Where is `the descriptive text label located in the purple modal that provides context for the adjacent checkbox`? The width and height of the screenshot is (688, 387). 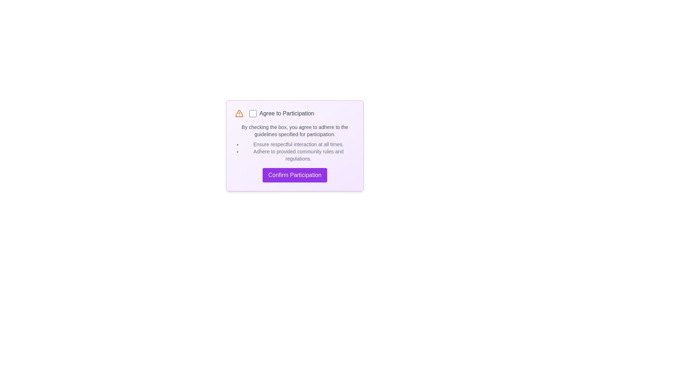 the descriptive text label located in the purple modal that provides context for the adjacent checkbox is located at coordinates (281, 113).